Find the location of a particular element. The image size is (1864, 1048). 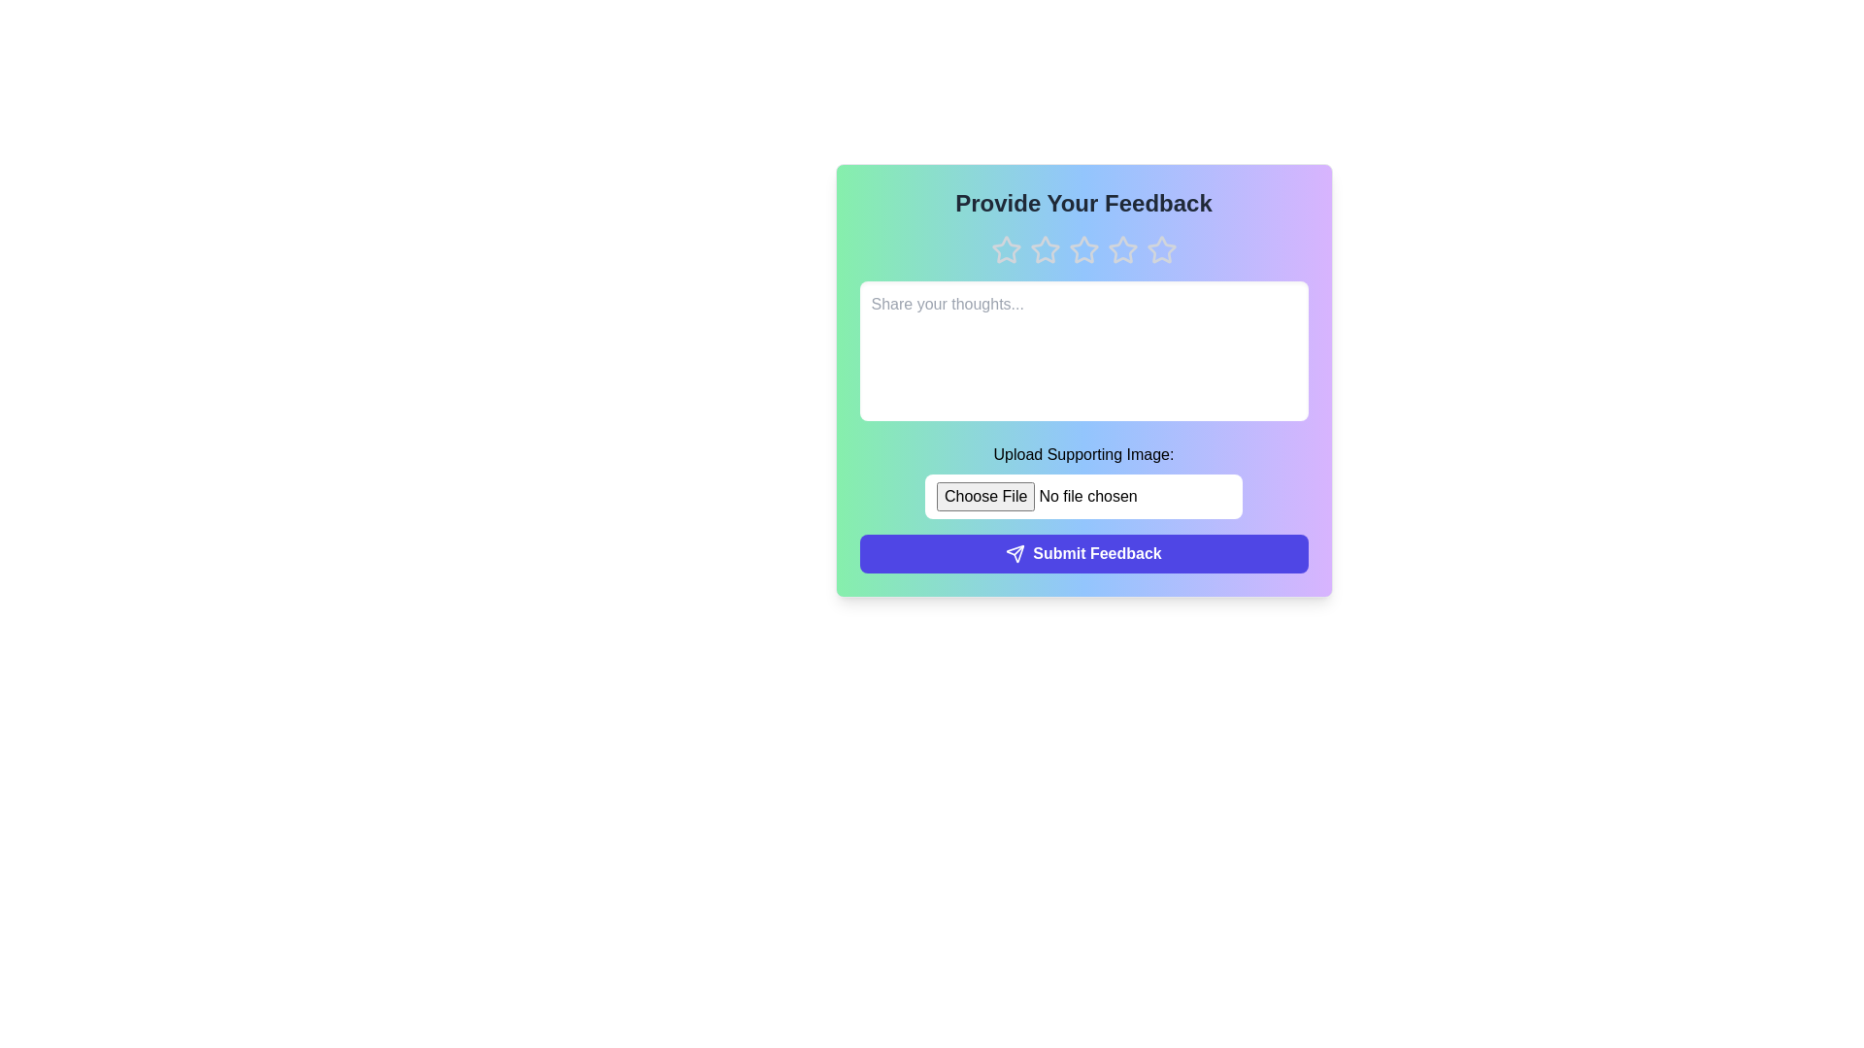

the fourth star icon in the rating system, which is outlined in gray is located at coordinates (1122, 249).